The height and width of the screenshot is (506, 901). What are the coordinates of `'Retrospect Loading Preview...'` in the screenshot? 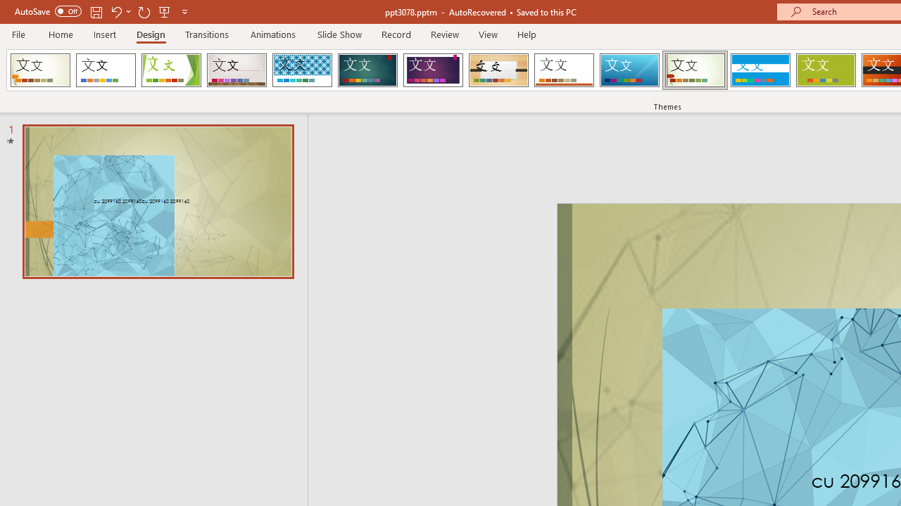 It's located at (564, 70).